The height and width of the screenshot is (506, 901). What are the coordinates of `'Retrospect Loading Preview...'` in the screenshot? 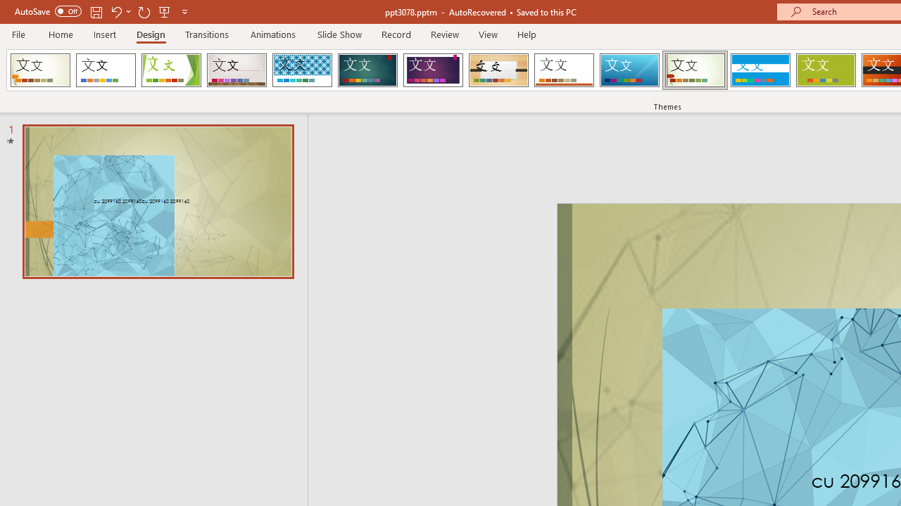 It's located at (564, 70).